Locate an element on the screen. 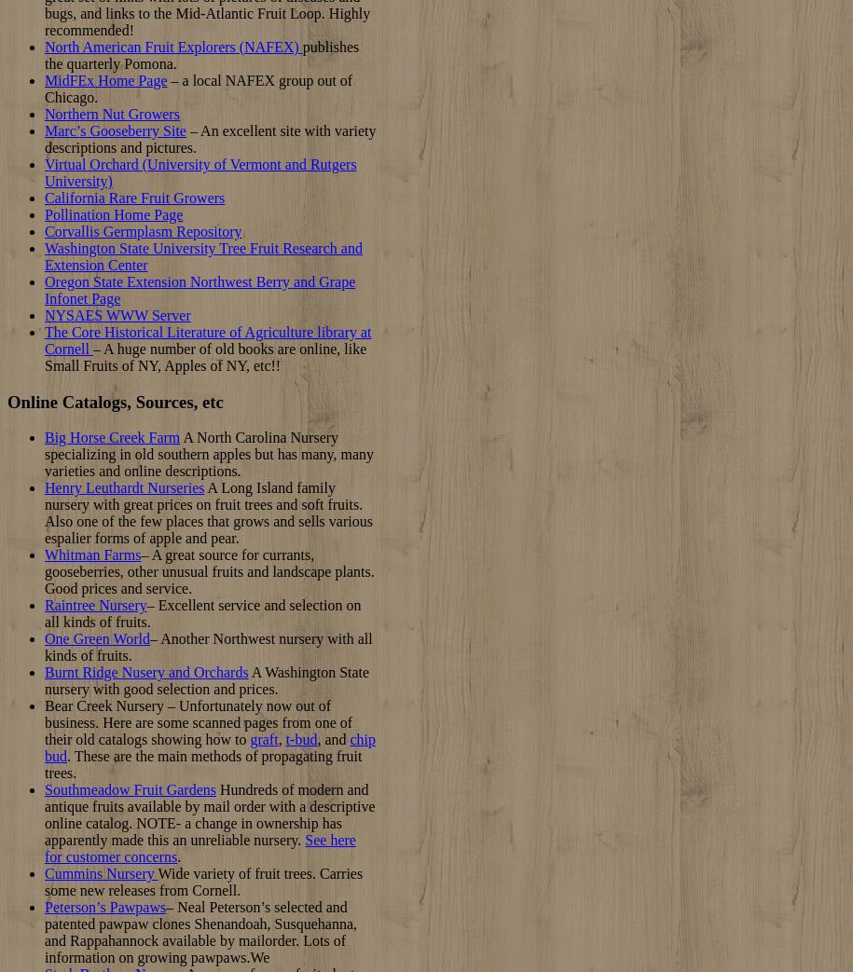  '– Another Northwest nursery with all kinds of fruits.' is located at coordinates (208, 647).